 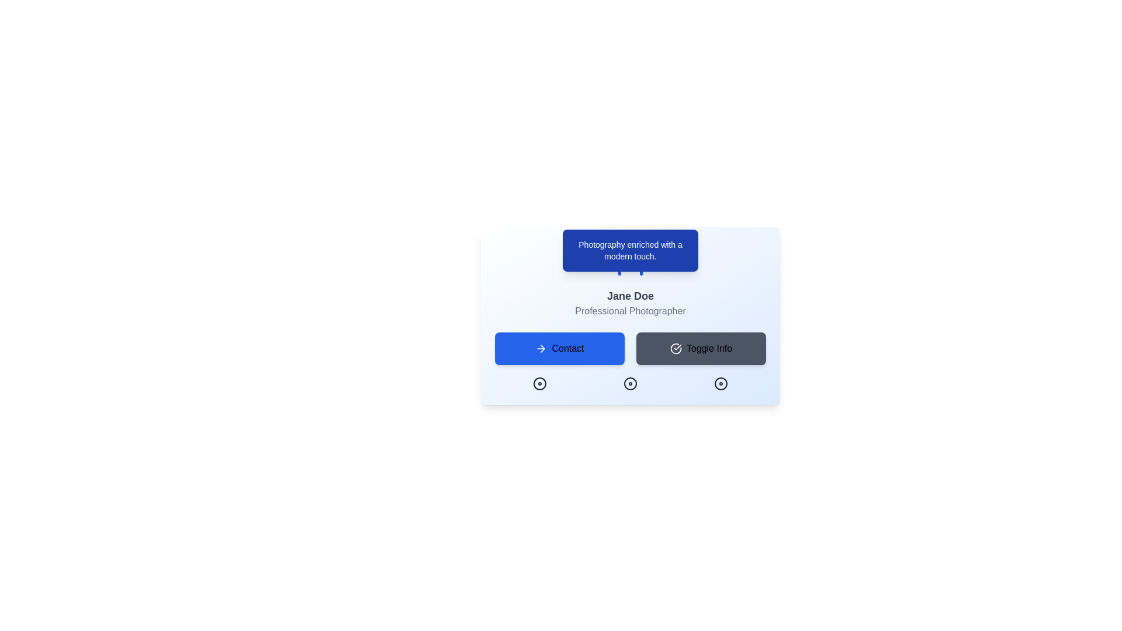 What do you see at coordinates (539, 383) in the screenshot?
I see `the first circular SVG icon located at the bottom section of the interface` at bounding box center [539, 383].